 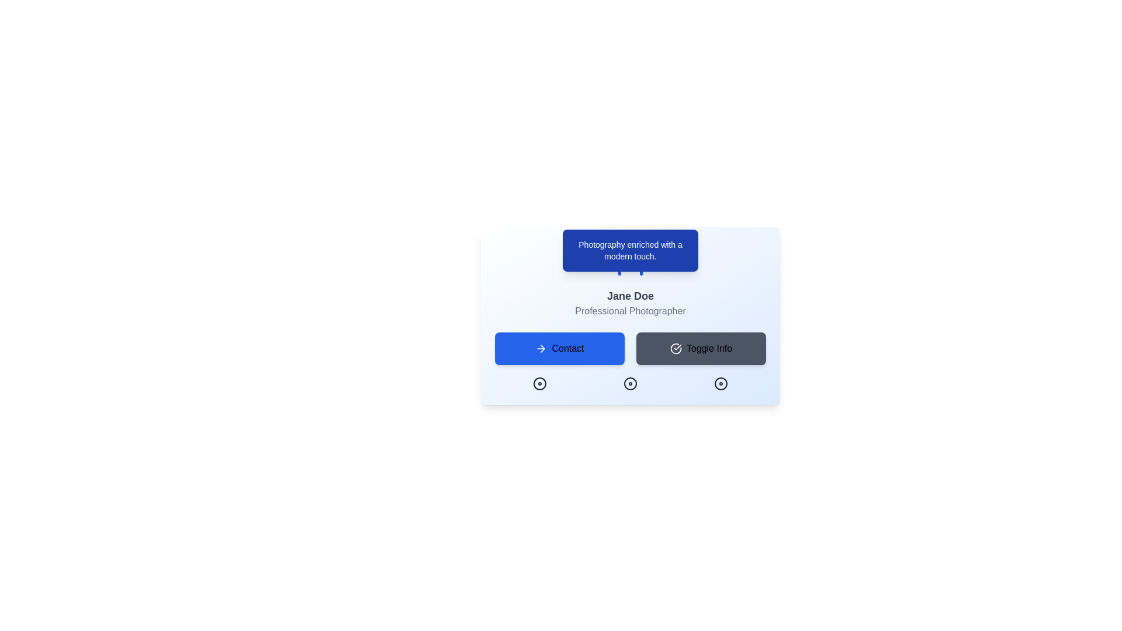 What do you see at coordinates (539, 383) in the screenshot?
I see `the first circular SVG icon located at the bottom section of the interface` at bounding box center [539, 383].